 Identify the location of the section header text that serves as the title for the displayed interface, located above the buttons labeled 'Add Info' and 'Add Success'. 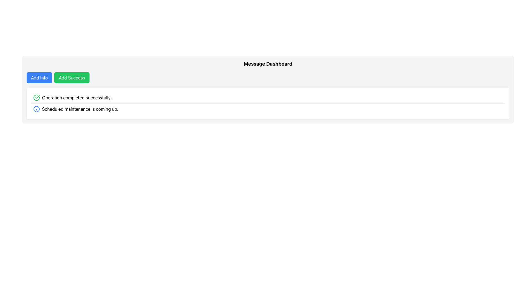
(268, 64).